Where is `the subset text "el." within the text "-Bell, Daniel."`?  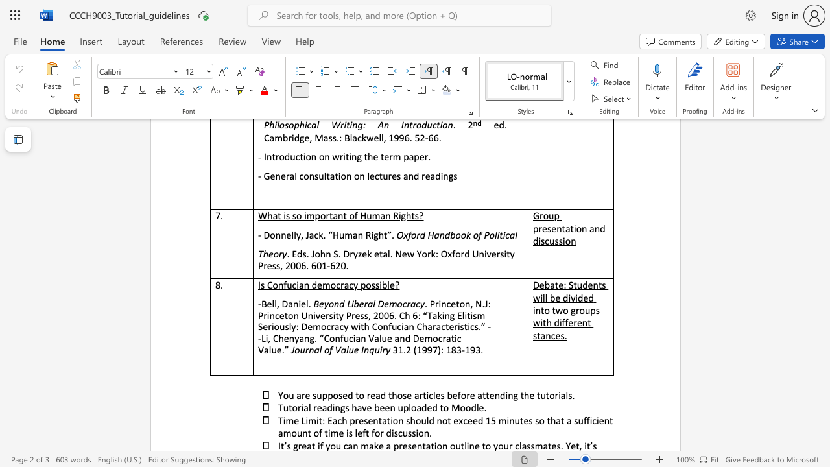
the subset text "el." within the text "-Bell, Daniel." is located at coordinates (300, 304).